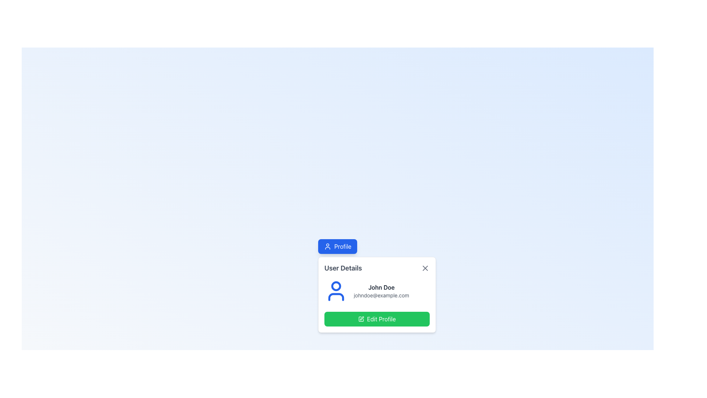 Image resolution: width=707 pixels, height=398 pixels. What do you see at coordinates (377, 291) in the screenshot?
I see `the composite element displaying the user details for 'John Doe' with the email 'johndoe@example.com', which includes a blue silhouette icon and is located in the 'User Details' modal above the 'Edit Profile' button` at bounding box center [377, 291].